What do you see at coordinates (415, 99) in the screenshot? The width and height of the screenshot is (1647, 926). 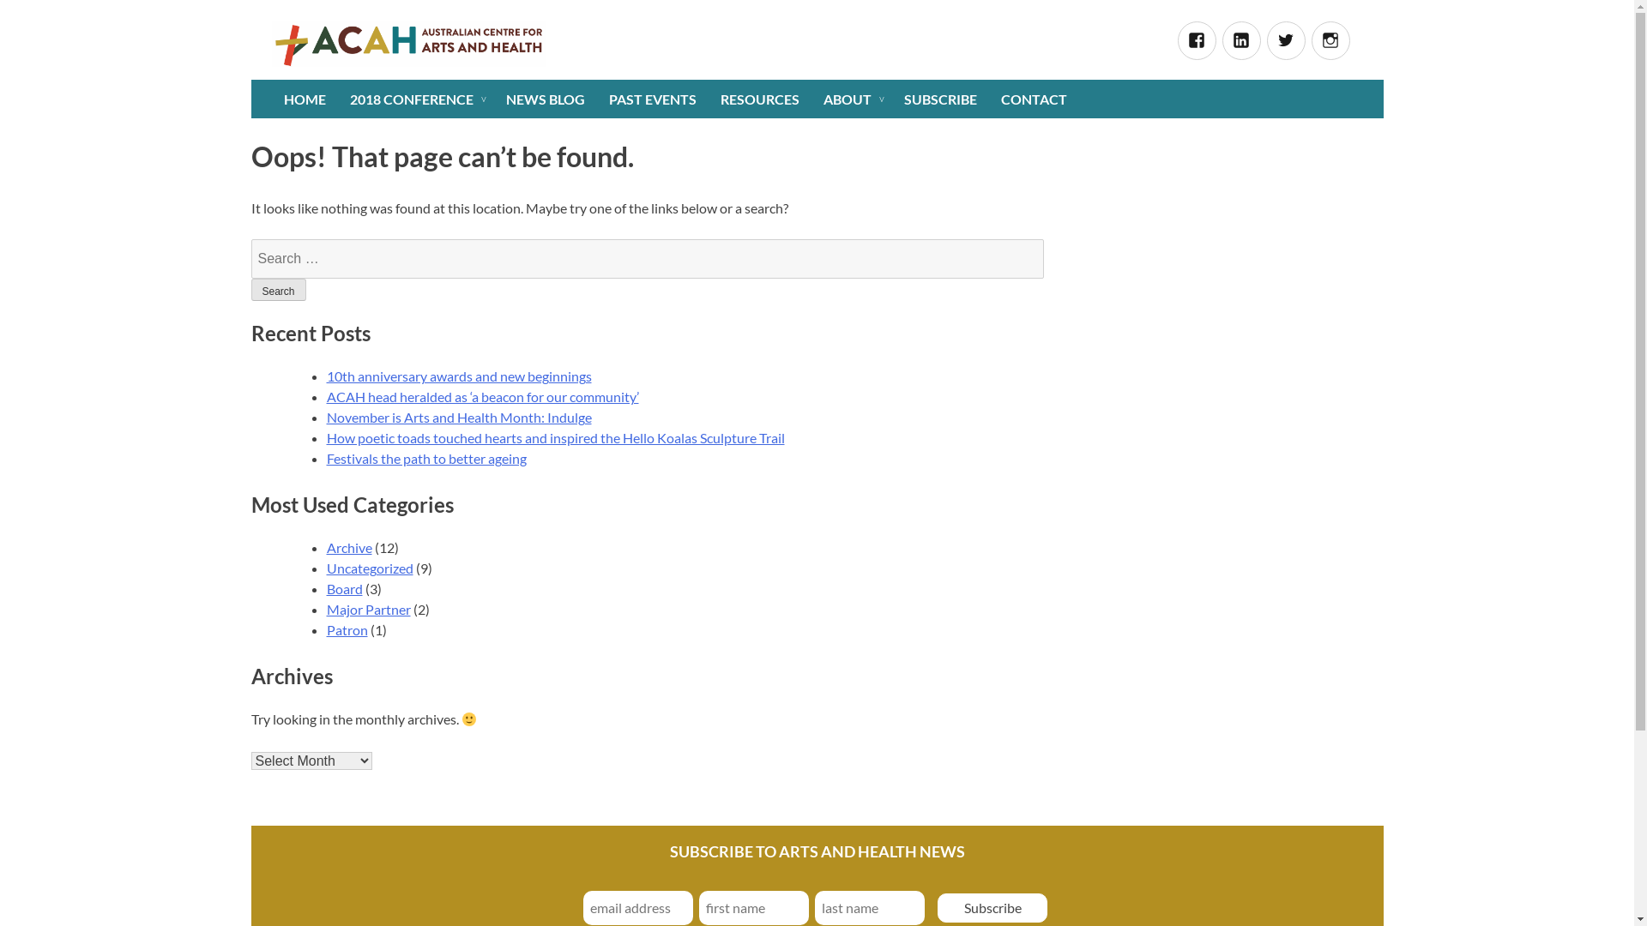 I see `'2018 CONFERENCE'` at bounding box center [415, 99].